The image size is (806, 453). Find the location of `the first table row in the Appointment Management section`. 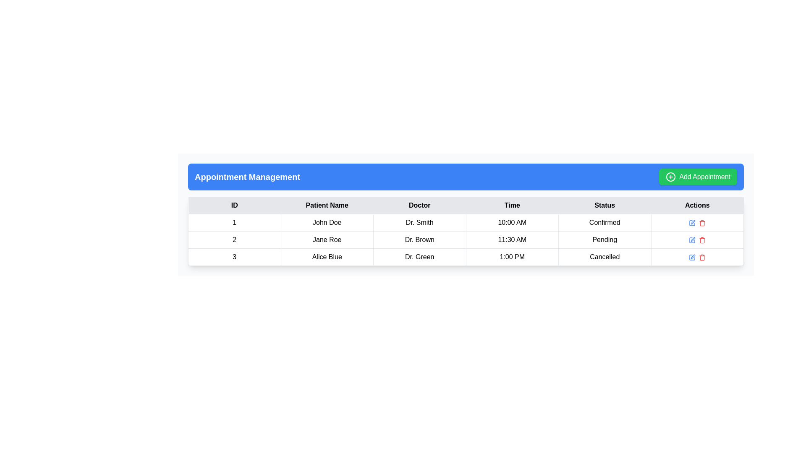

the first table row in the Appointment Management section is located at coordinates (465, 222).